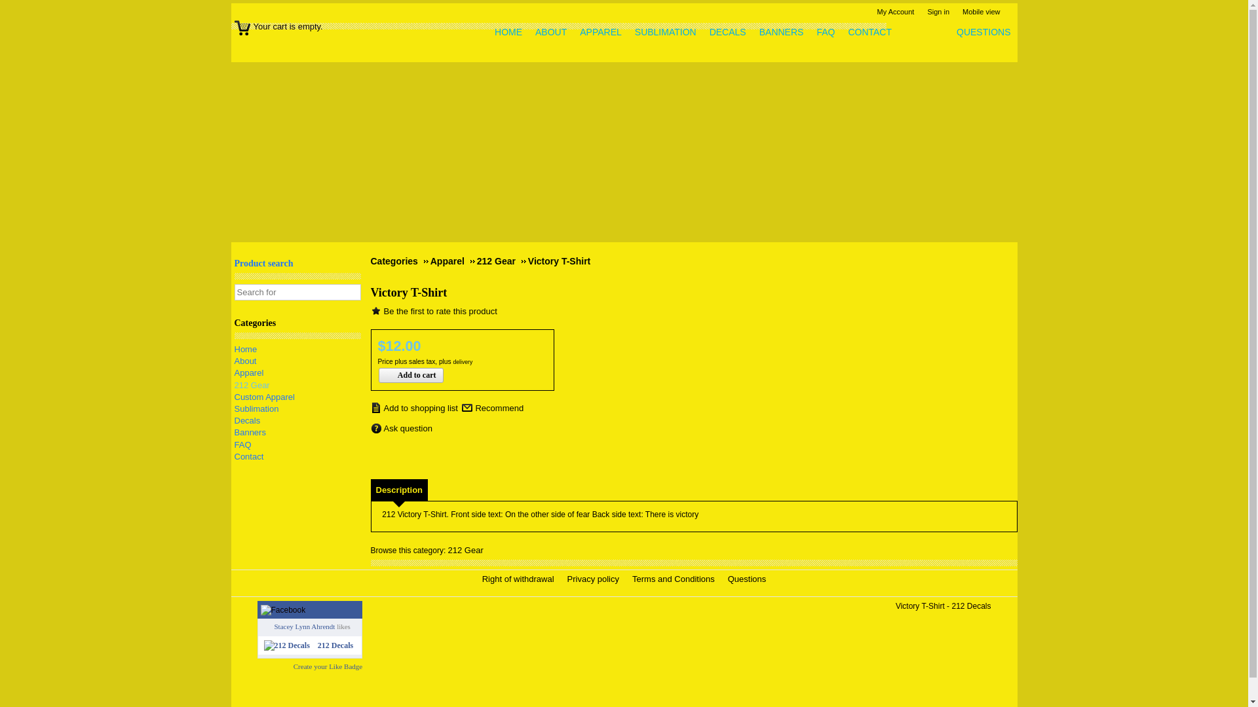  What do you see at coordinates (603, 31) in the screenshot?
I see `'APPAREL'` at bounding box center [603, 31].